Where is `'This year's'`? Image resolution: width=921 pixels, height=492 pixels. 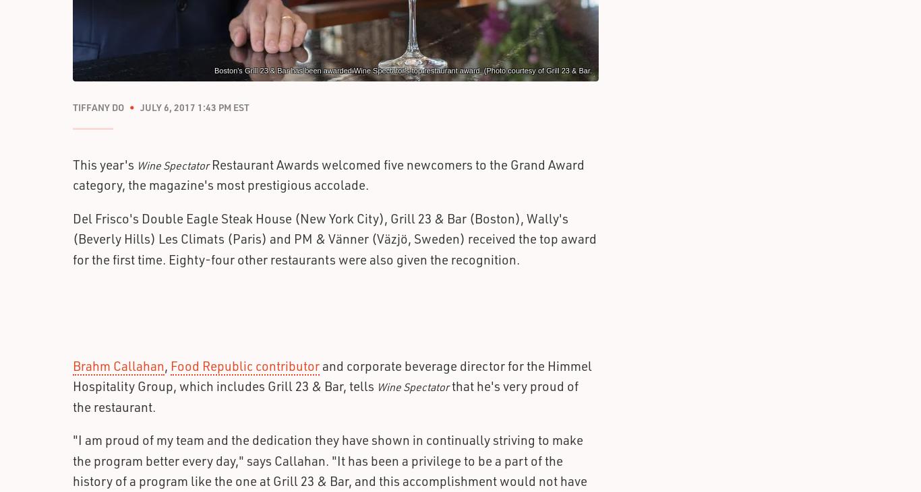
'This year's' is located at coordinates (104, 164).